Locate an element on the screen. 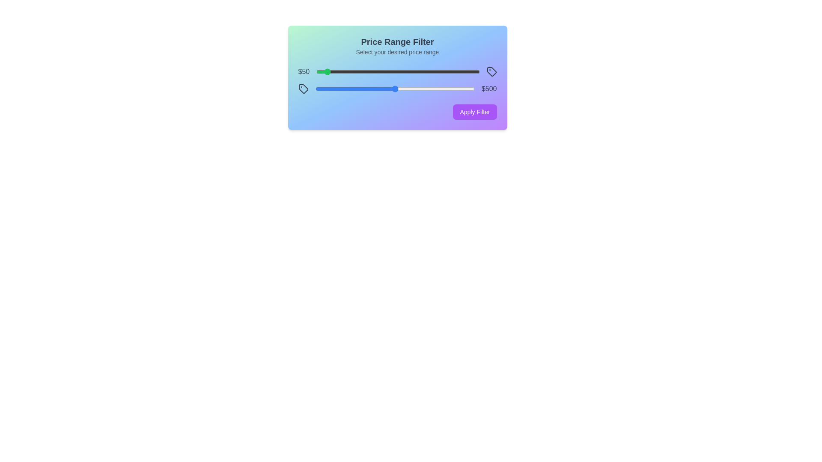 This screenshot has height=462, width=822. the maximum price slider to 229 is located at coordinates (351, 89).